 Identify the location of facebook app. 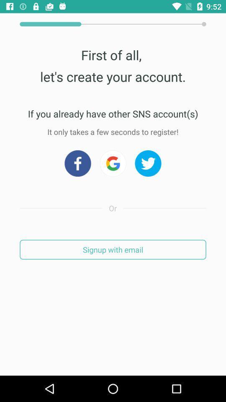
(77, 163).